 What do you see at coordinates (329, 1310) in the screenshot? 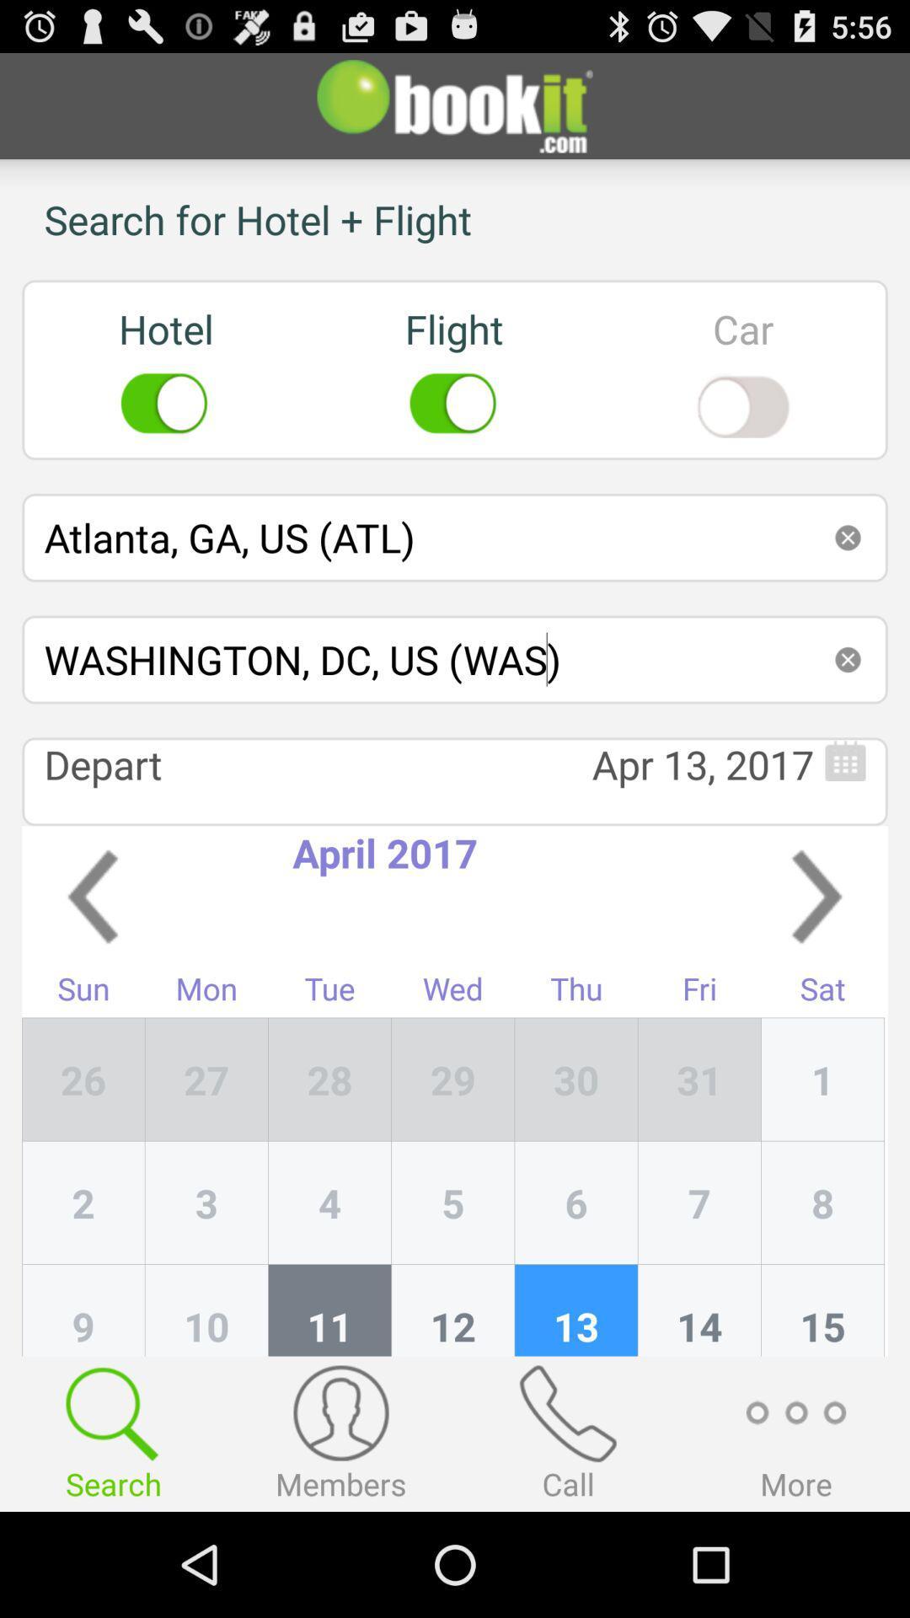
I see `the item to the left of 5 item` at bounding box center [329, 1310].